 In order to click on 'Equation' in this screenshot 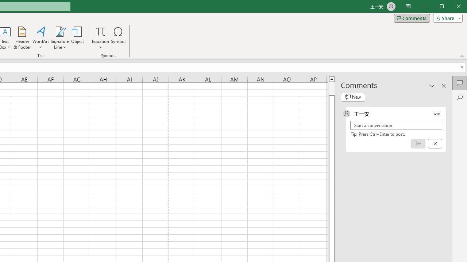, I will do `click(100, 31)`.